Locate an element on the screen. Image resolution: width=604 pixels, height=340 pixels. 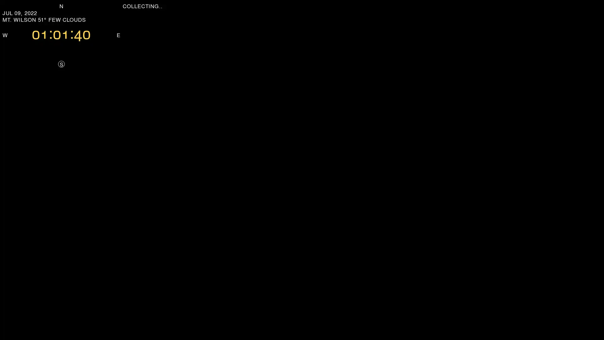
N is located at coordinates (61, 6).